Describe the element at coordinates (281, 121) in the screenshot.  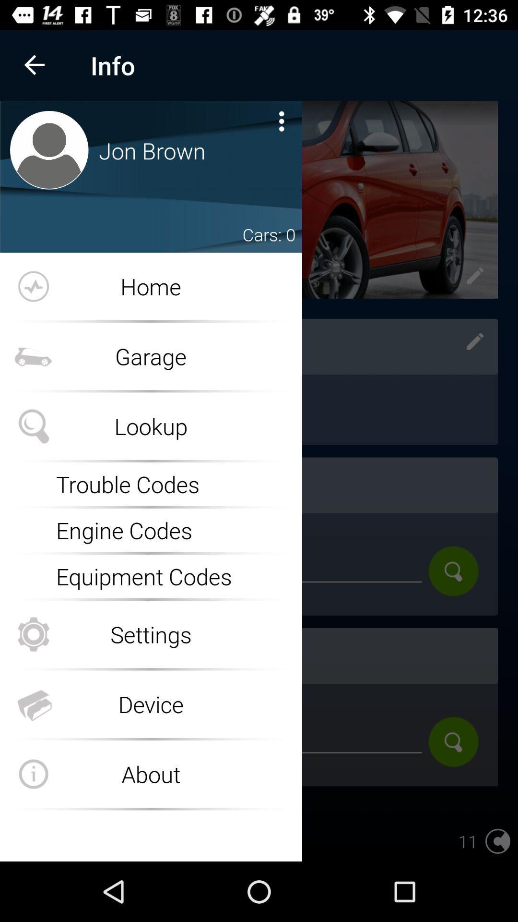
I see `the more icon` at that location.